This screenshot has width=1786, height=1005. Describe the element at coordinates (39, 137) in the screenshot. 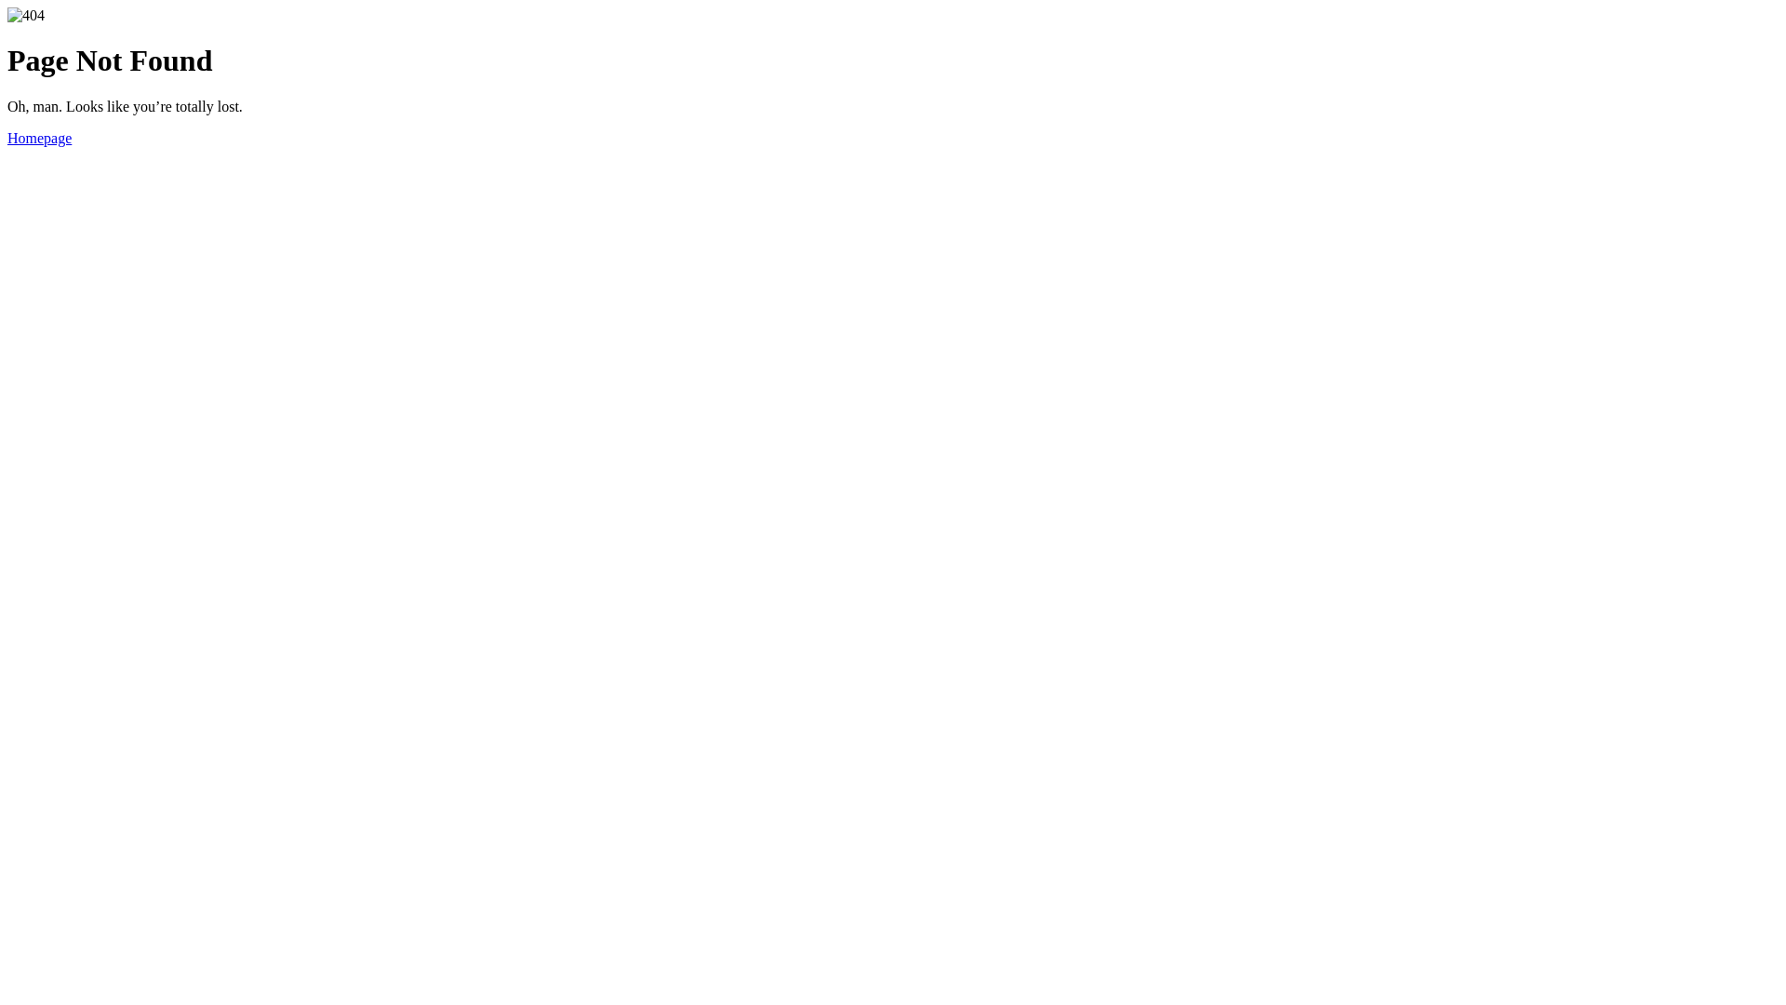

I see `'Homepage'` at that location.